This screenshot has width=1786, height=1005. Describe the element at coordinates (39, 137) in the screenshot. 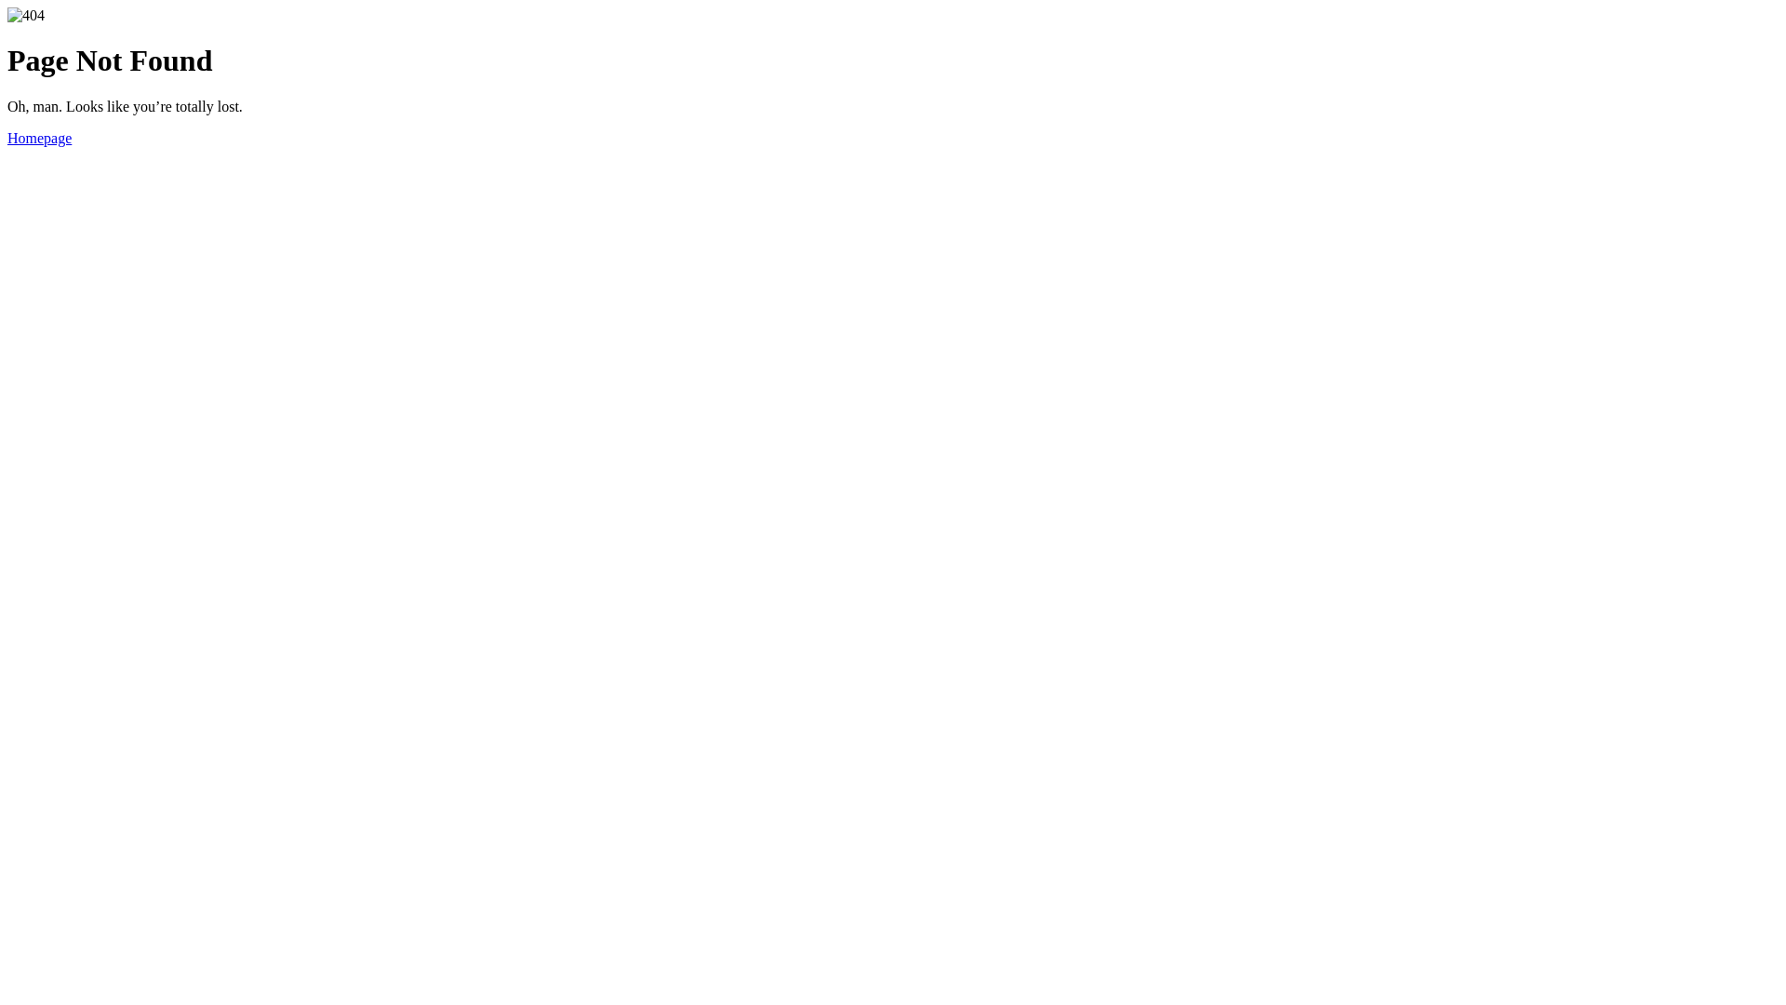

I see `'Homepage'` at that location.